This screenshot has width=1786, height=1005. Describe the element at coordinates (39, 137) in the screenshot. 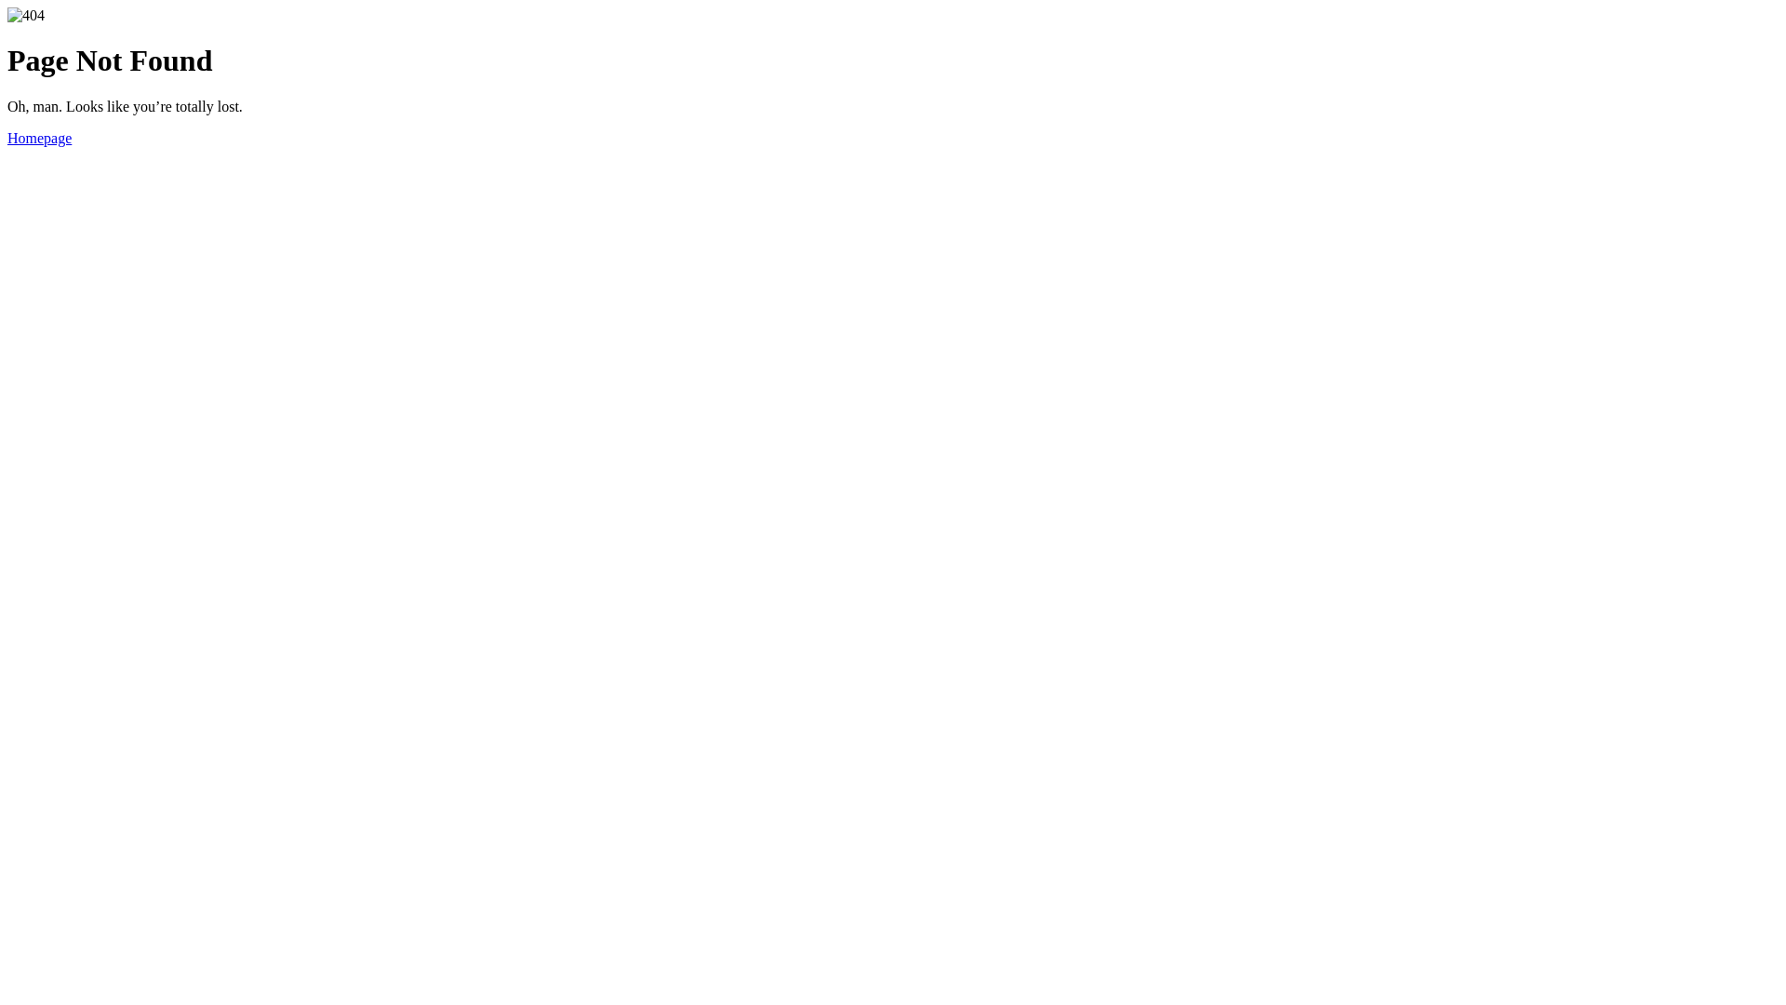

I see `'Homepage'` at that location.